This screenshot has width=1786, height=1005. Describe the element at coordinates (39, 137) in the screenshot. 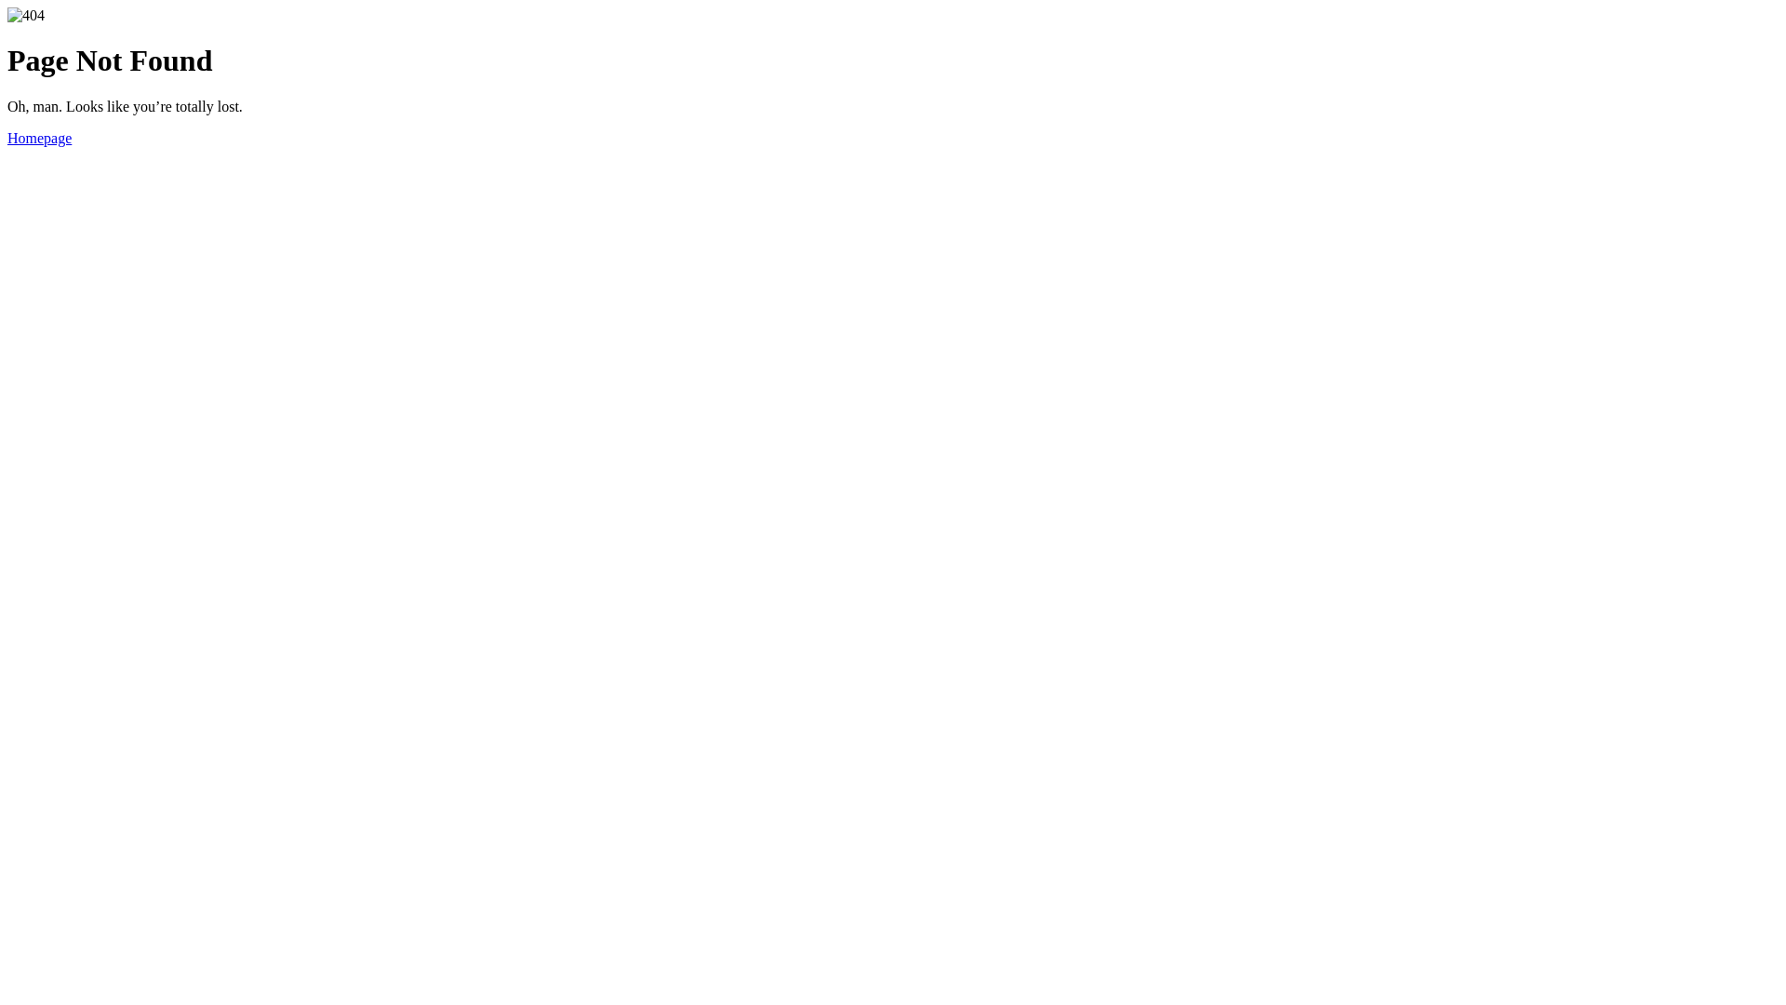

I see `'Homepage'` at that location.